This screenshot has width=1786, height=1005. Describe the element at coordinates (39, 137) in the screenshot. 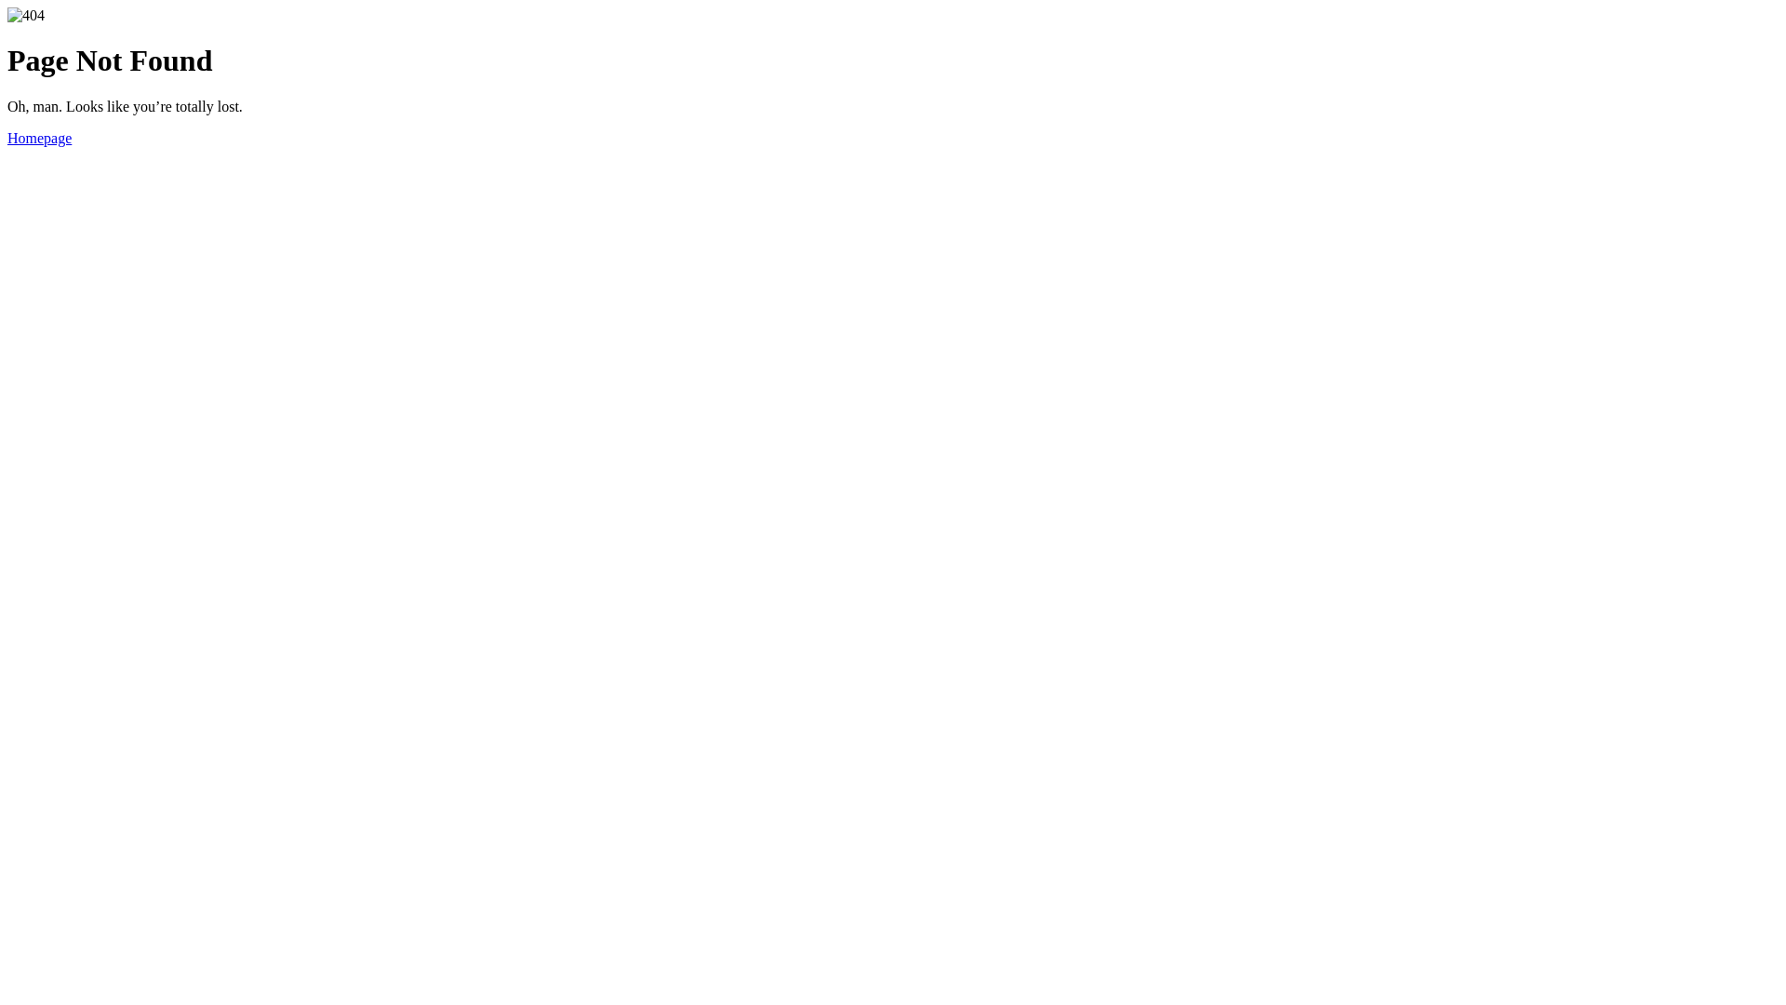

I see `'Homepage'` at that location.